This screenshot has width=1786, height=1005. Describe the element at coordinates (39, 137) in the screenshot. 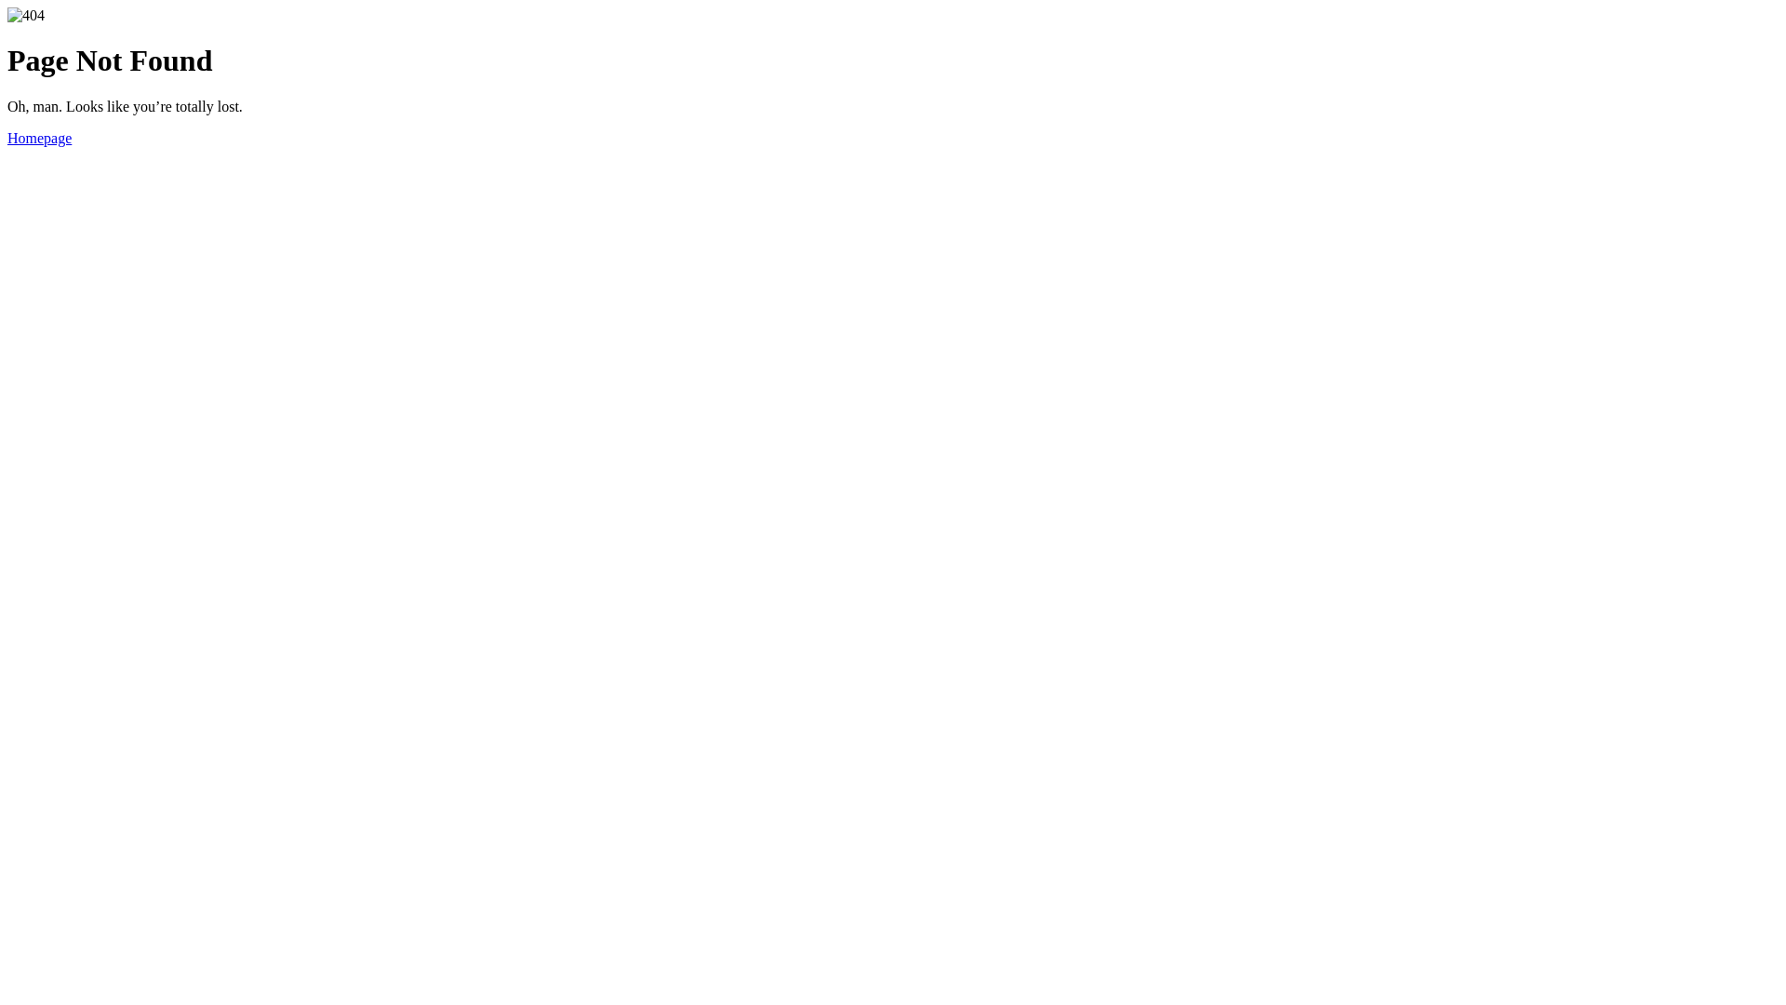

I see `'Homepage'` at that location.